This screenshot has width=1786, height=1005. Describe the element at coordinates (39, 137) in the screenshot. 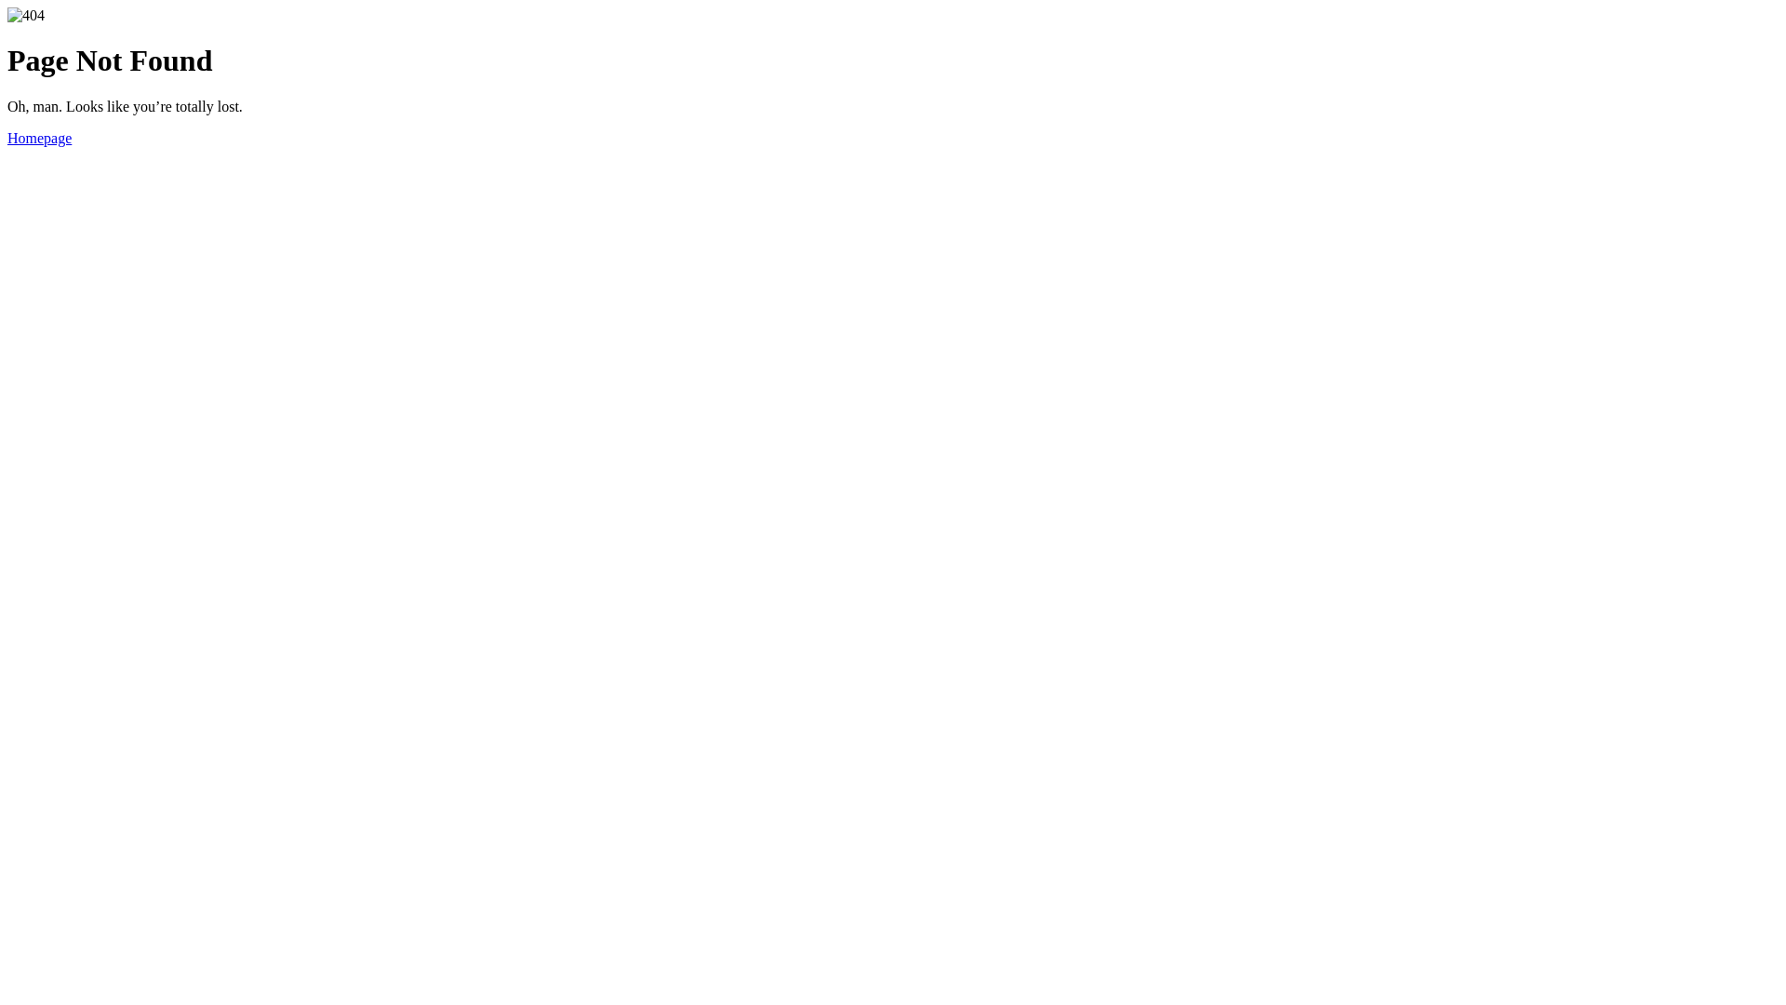

I see `'Homepage'` at that location.